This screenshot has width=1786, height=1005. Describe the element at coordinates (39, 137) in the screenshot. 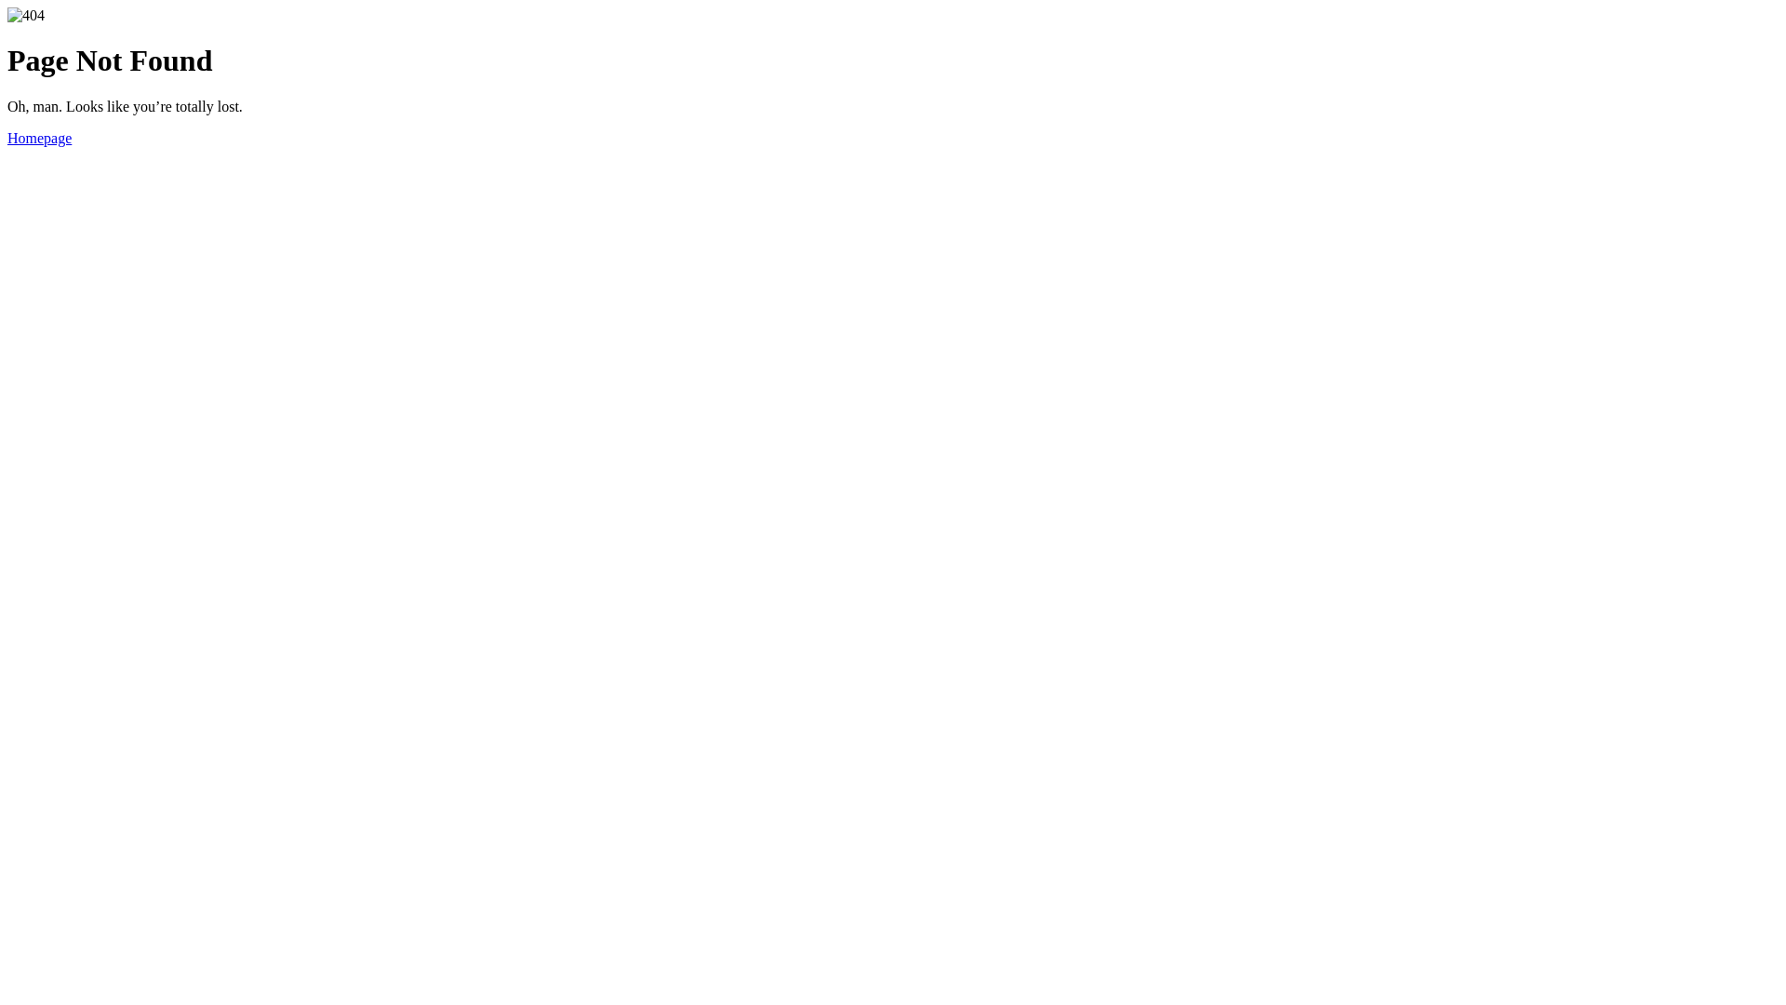

I see `'Homepage'` at that location.